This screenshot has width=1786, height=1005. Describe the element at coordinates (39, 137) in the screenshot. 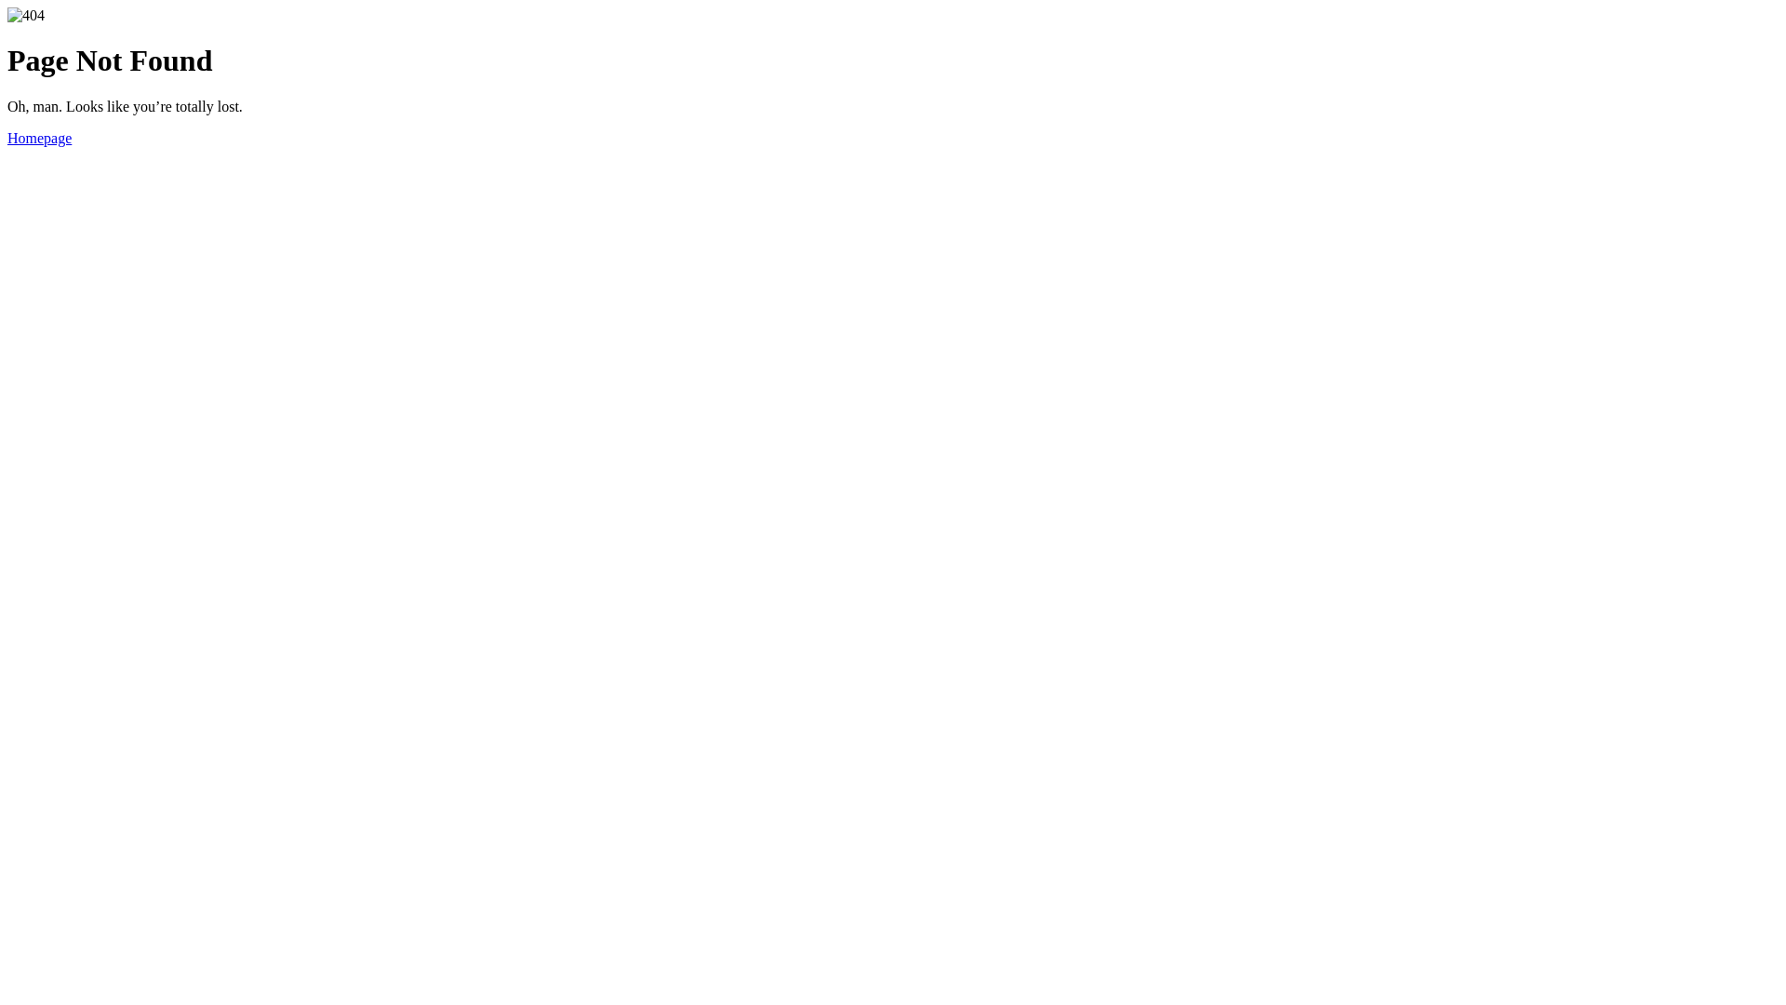

I see `'Homepage'` at that location.